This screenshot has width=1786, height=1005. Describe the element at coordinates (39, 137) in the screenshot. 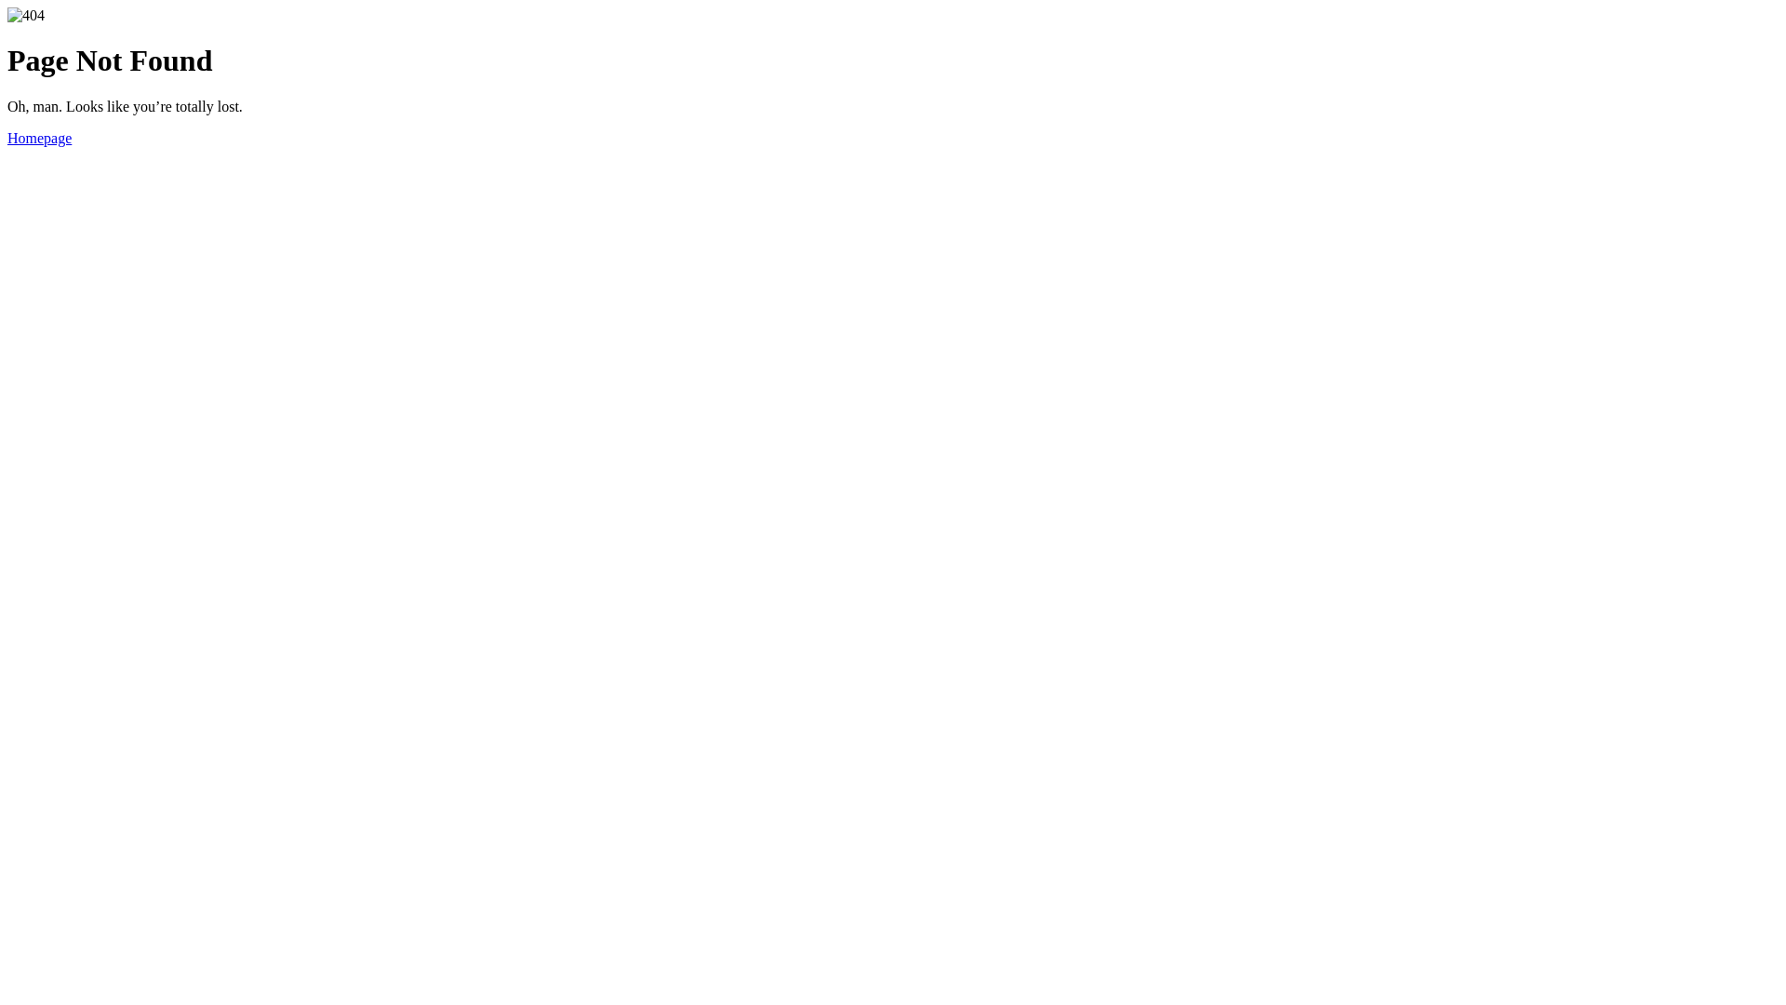

I see `'Homepage'` at that location.